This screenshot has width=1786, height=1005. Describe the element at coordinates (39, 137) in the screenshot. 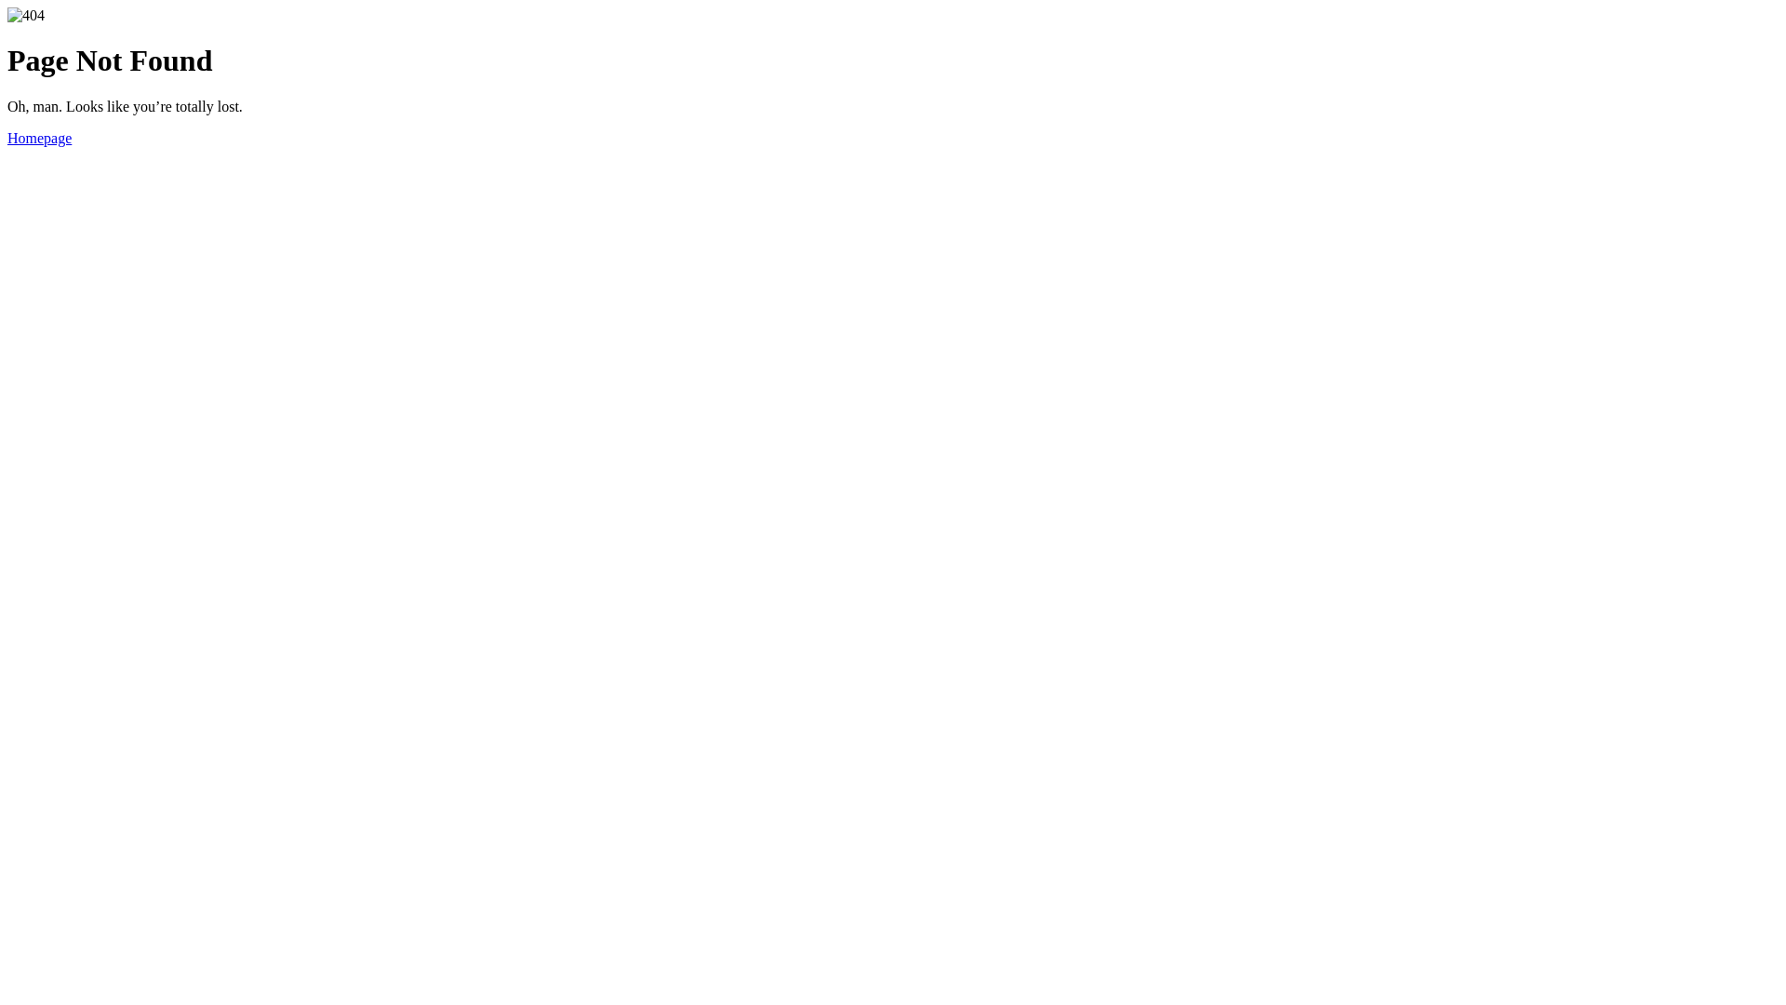

I see `'Homepage'` at that location.